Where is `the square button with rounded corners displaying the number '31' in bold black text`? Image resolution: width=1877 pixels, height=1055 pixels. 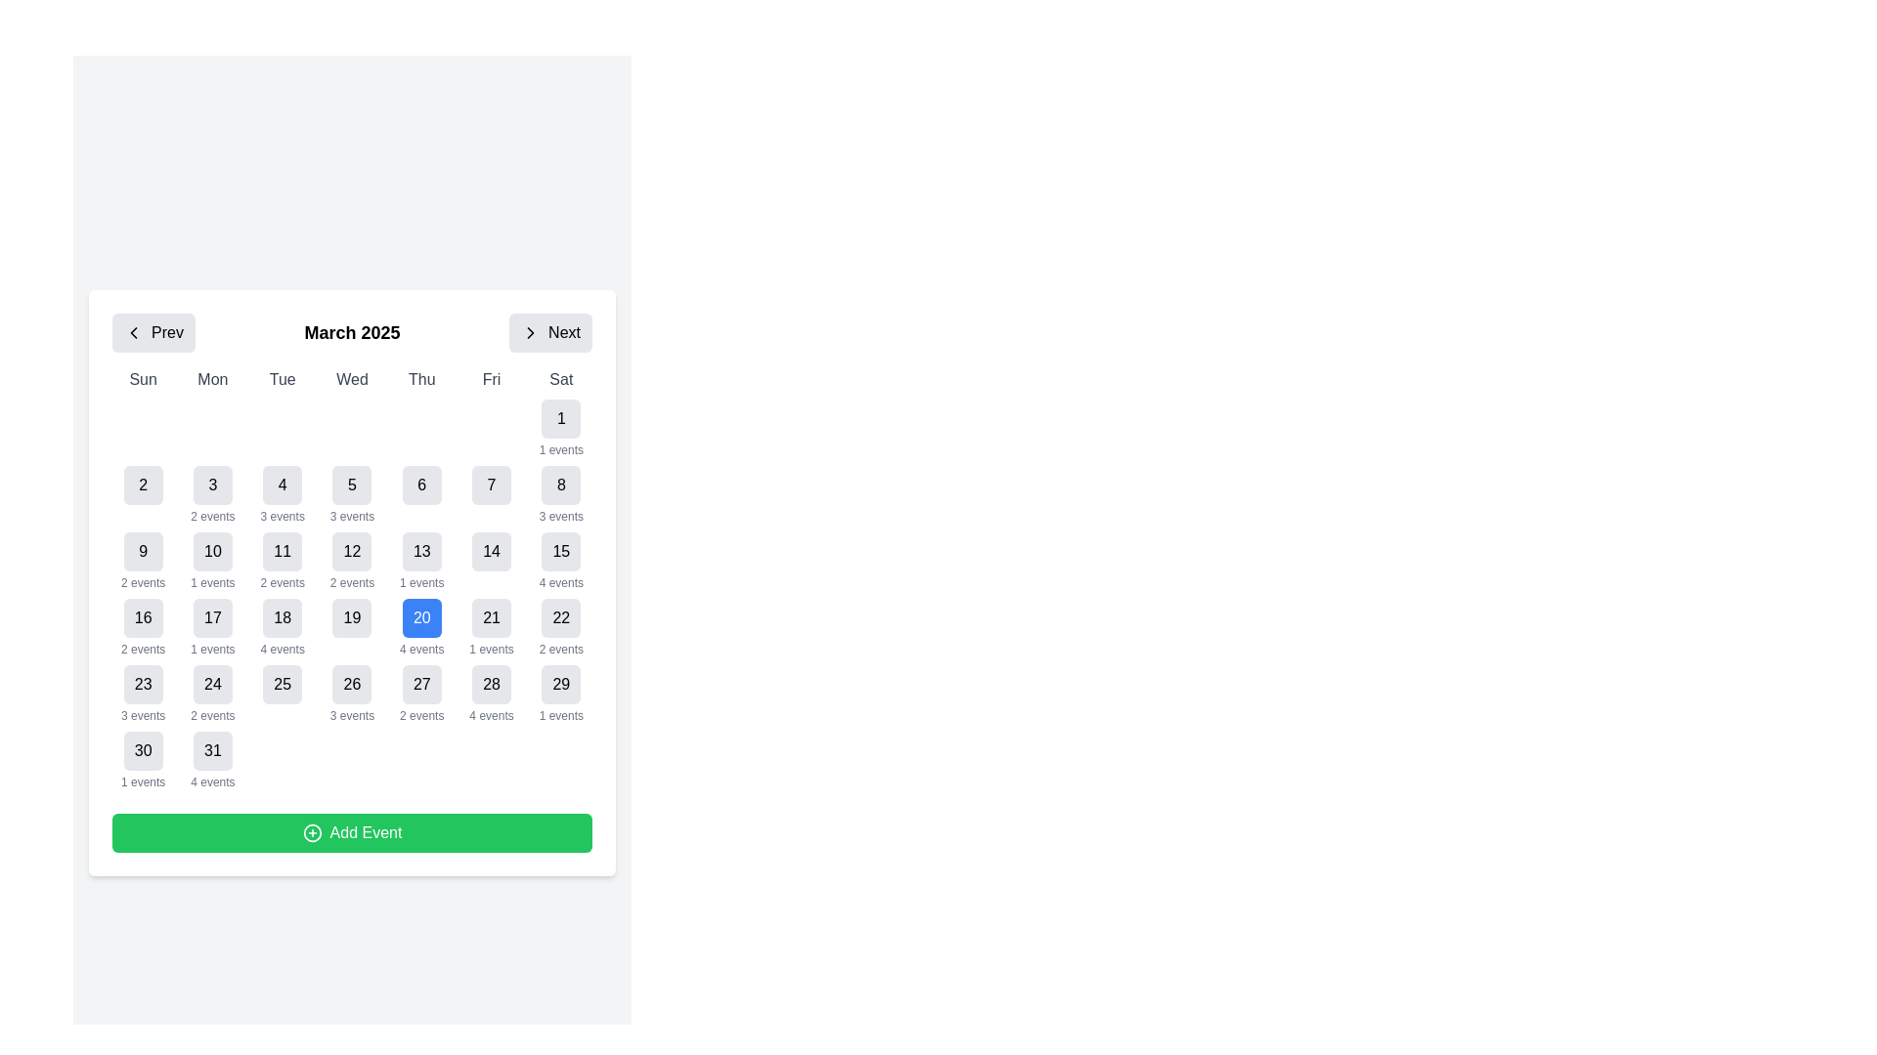
the square button with rounded corners displaying the number '31' in bold black text is located at coordinates (212, 749).